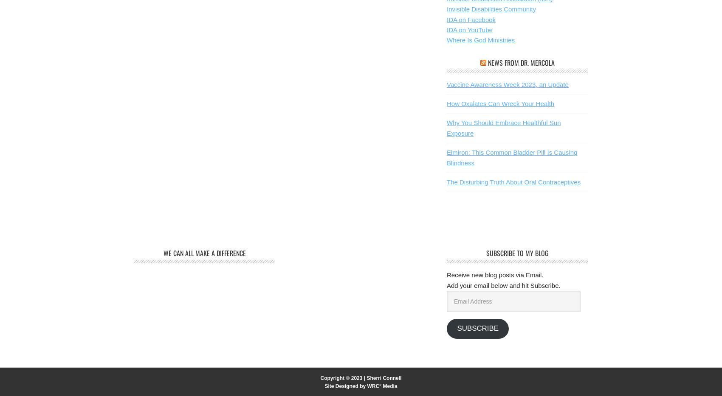 This screenshot has height=396, width=722. I want to click on '|', so click(364, 378).